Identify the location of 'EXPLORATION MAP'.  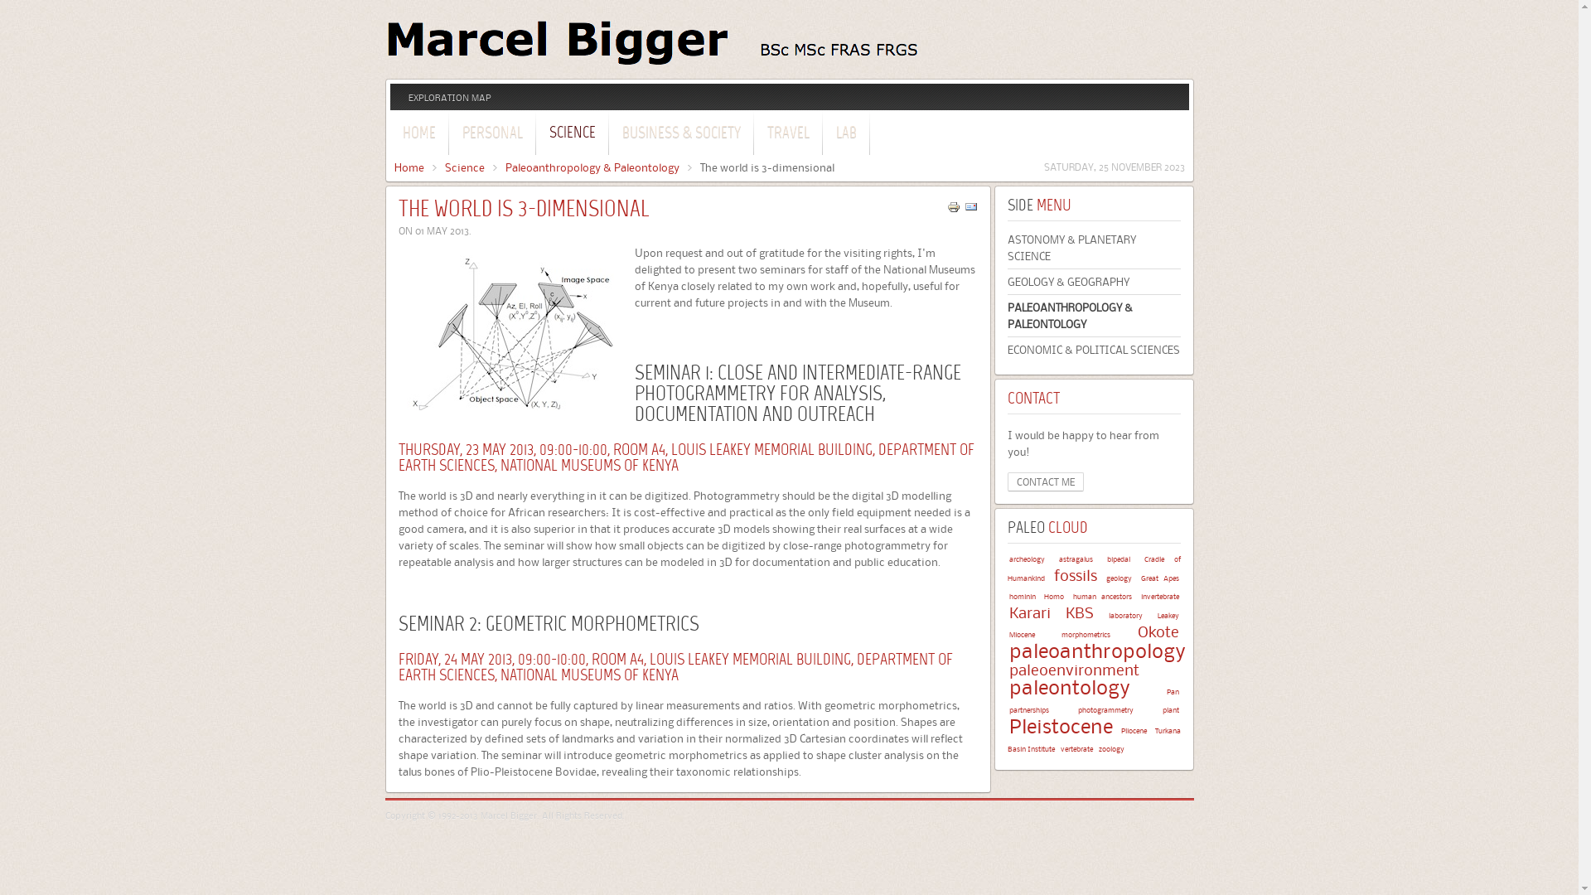
(449, 98).